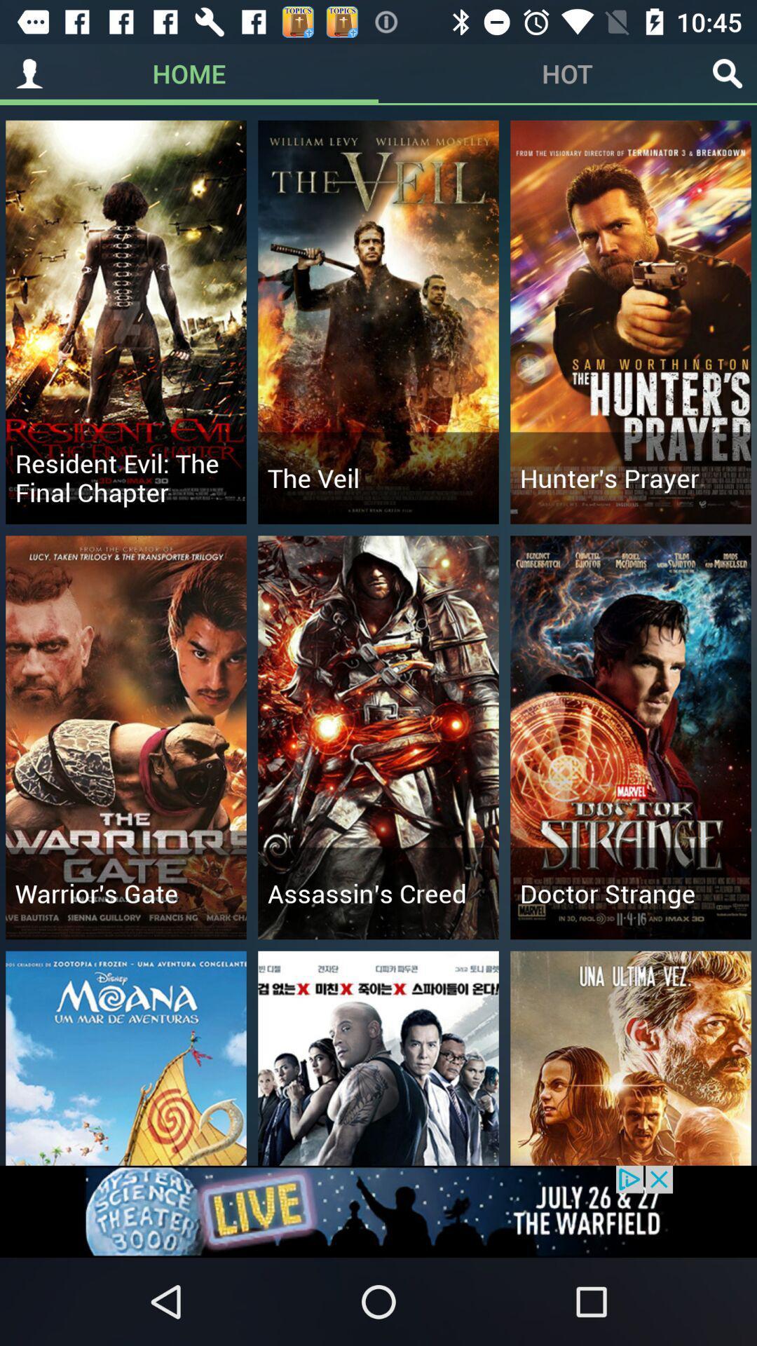 The image size is (757, 1346). What do you see at coordinates (126, 736) in the screenshot?
I see `1st image in 2nd row` at bounding box center [126, 736].